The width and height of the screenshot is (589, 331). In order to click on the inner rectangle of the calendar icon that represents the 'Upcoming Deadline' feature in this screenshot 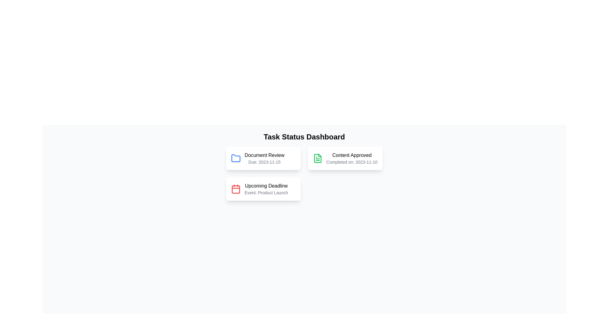, I will do `click(236, 189)`.